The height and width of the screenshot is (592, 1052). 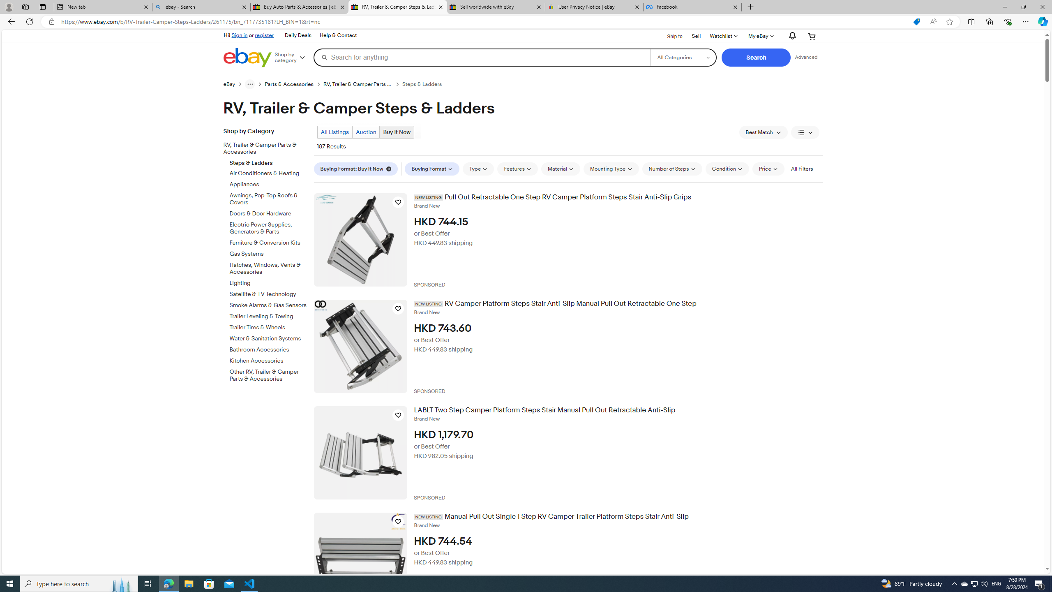 What do you see at coordinates (293, 57) in the screenshot?
I see `'Shop by category'` at bounding box center [293, 57].